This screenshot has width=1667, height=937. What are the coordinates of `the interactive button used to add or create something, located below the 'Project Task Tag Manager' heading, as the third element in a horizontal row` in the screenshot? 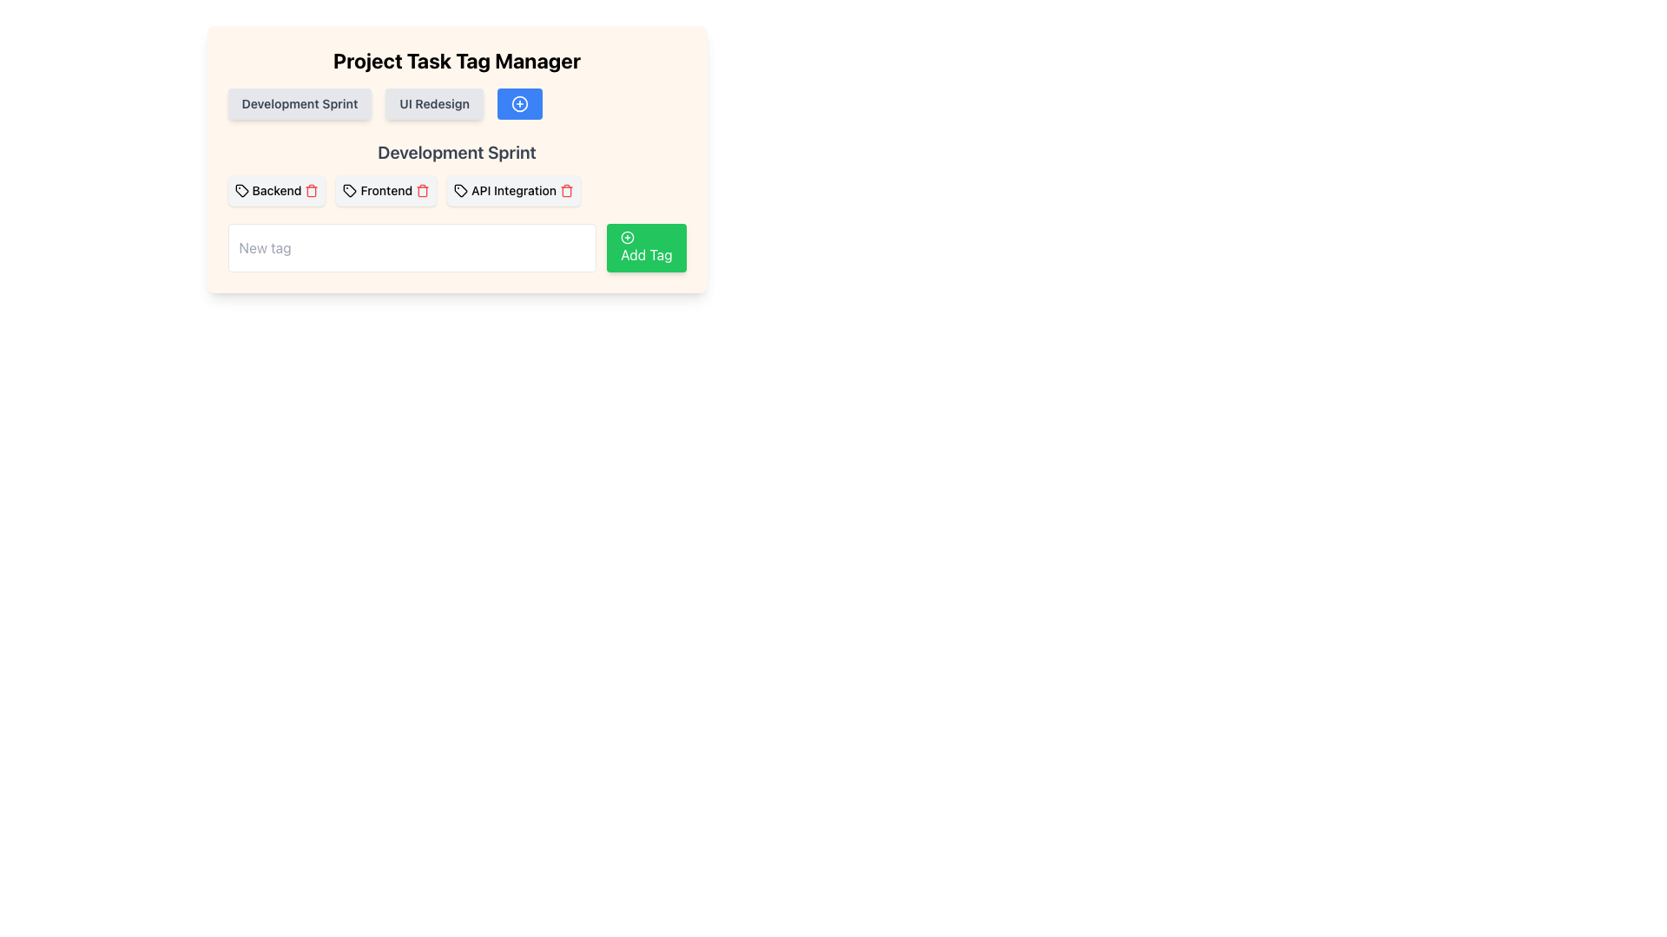 It's located at (519, 103).